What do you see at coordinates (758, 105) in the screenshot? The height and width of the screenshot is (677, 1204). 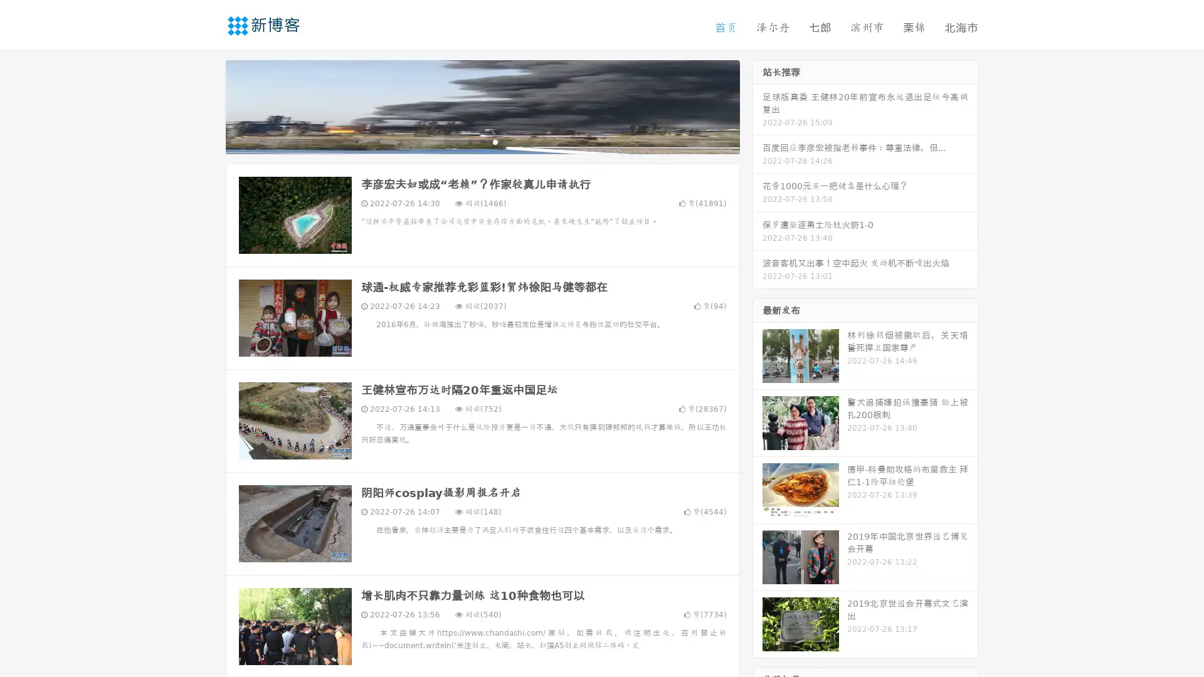 I see `Next slide` at bounding box center [758, 105].